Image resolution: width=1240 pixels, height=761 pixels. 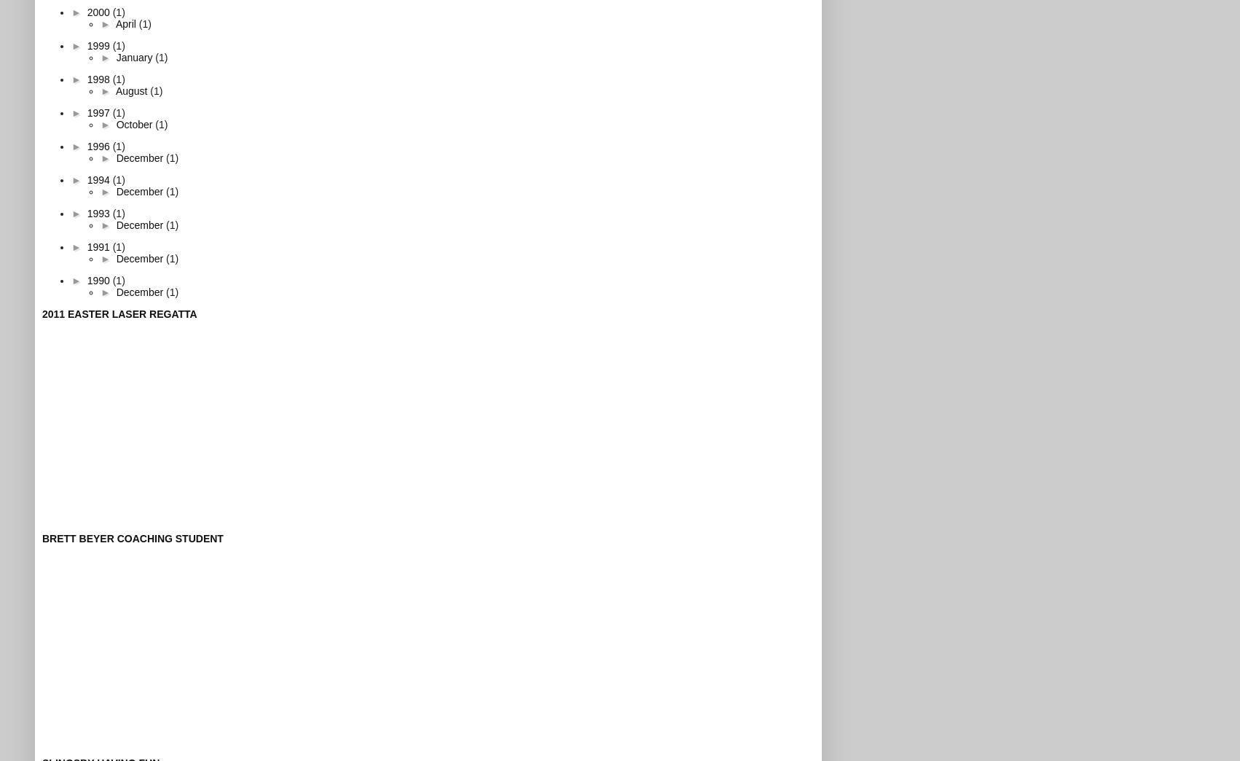 I want to click on '2000', so click(x=99, y=10).